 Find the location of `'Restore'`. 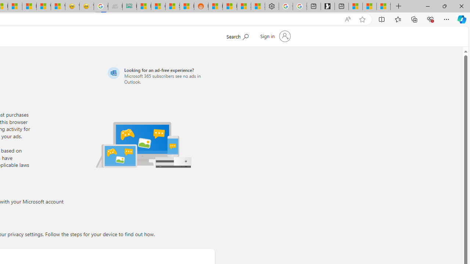

'Restore' is located at coordinates (444, 6).